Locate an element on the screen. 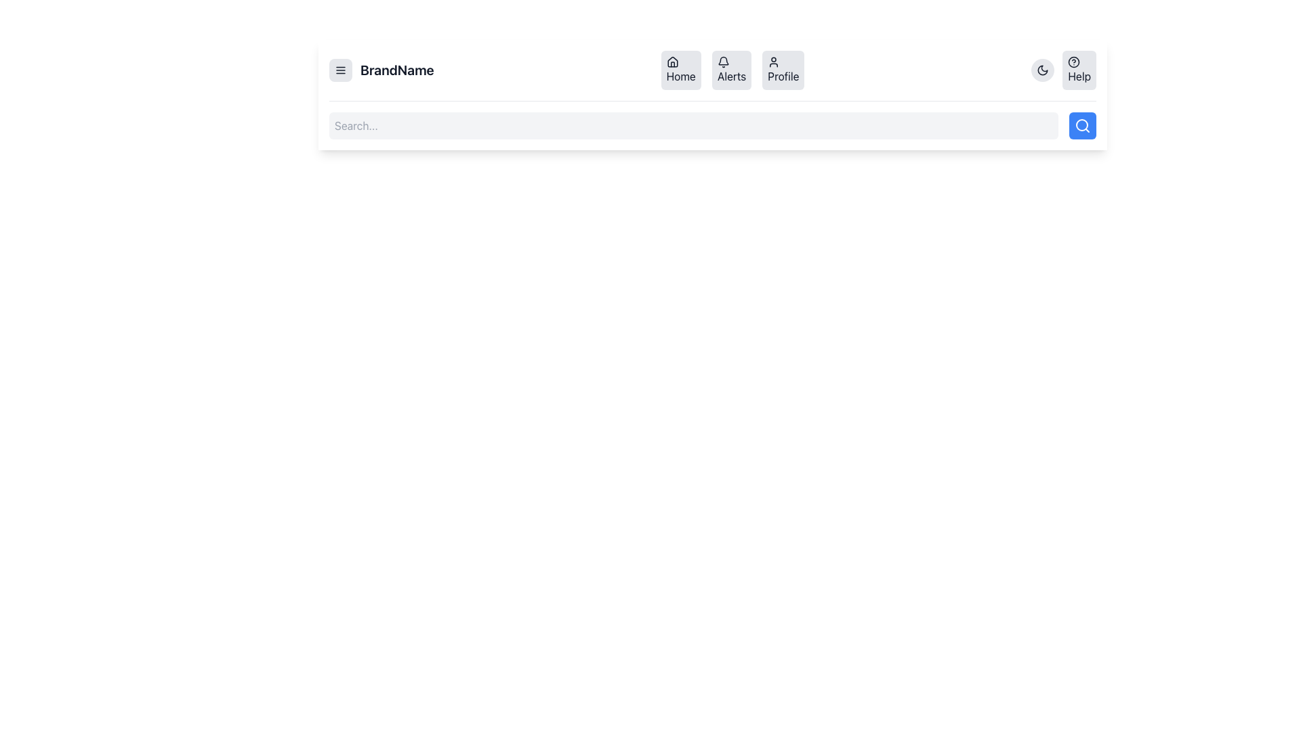  the help button located in the top-right section of the interface, which is aligned with other navigation elements such as 'Home,' 'Alerts,' and 'Profile.' is located at coordinates (1063, 70).